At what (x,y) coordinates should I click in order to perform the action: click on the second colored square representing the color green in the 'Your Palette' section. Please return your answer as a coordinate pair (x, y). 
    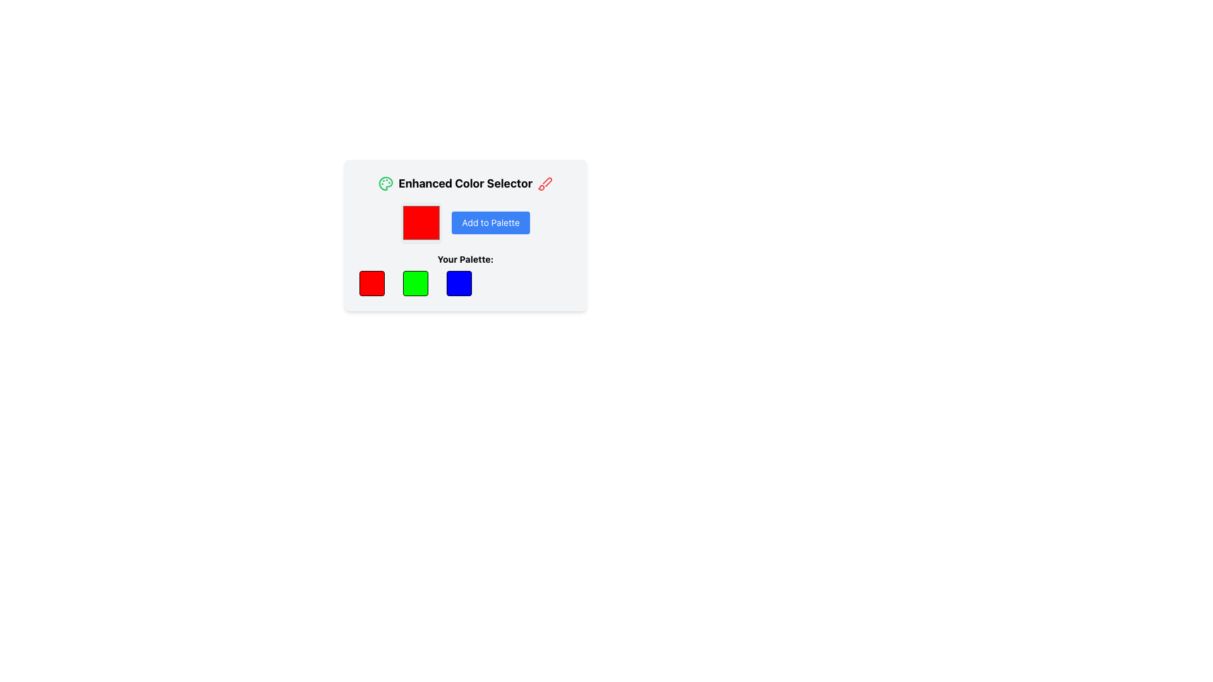
    Looking at the image, I should click on (415, 282).